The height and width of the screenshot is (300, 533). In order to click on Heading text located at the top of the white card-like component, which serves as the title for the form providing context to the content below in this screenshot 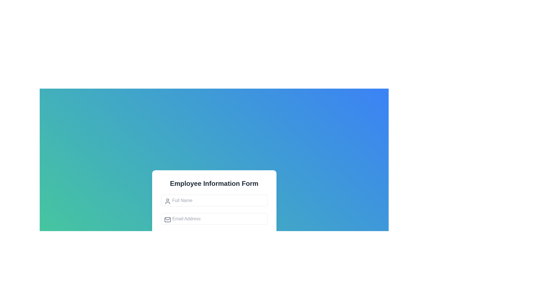, I will do `click(214, 183)`.